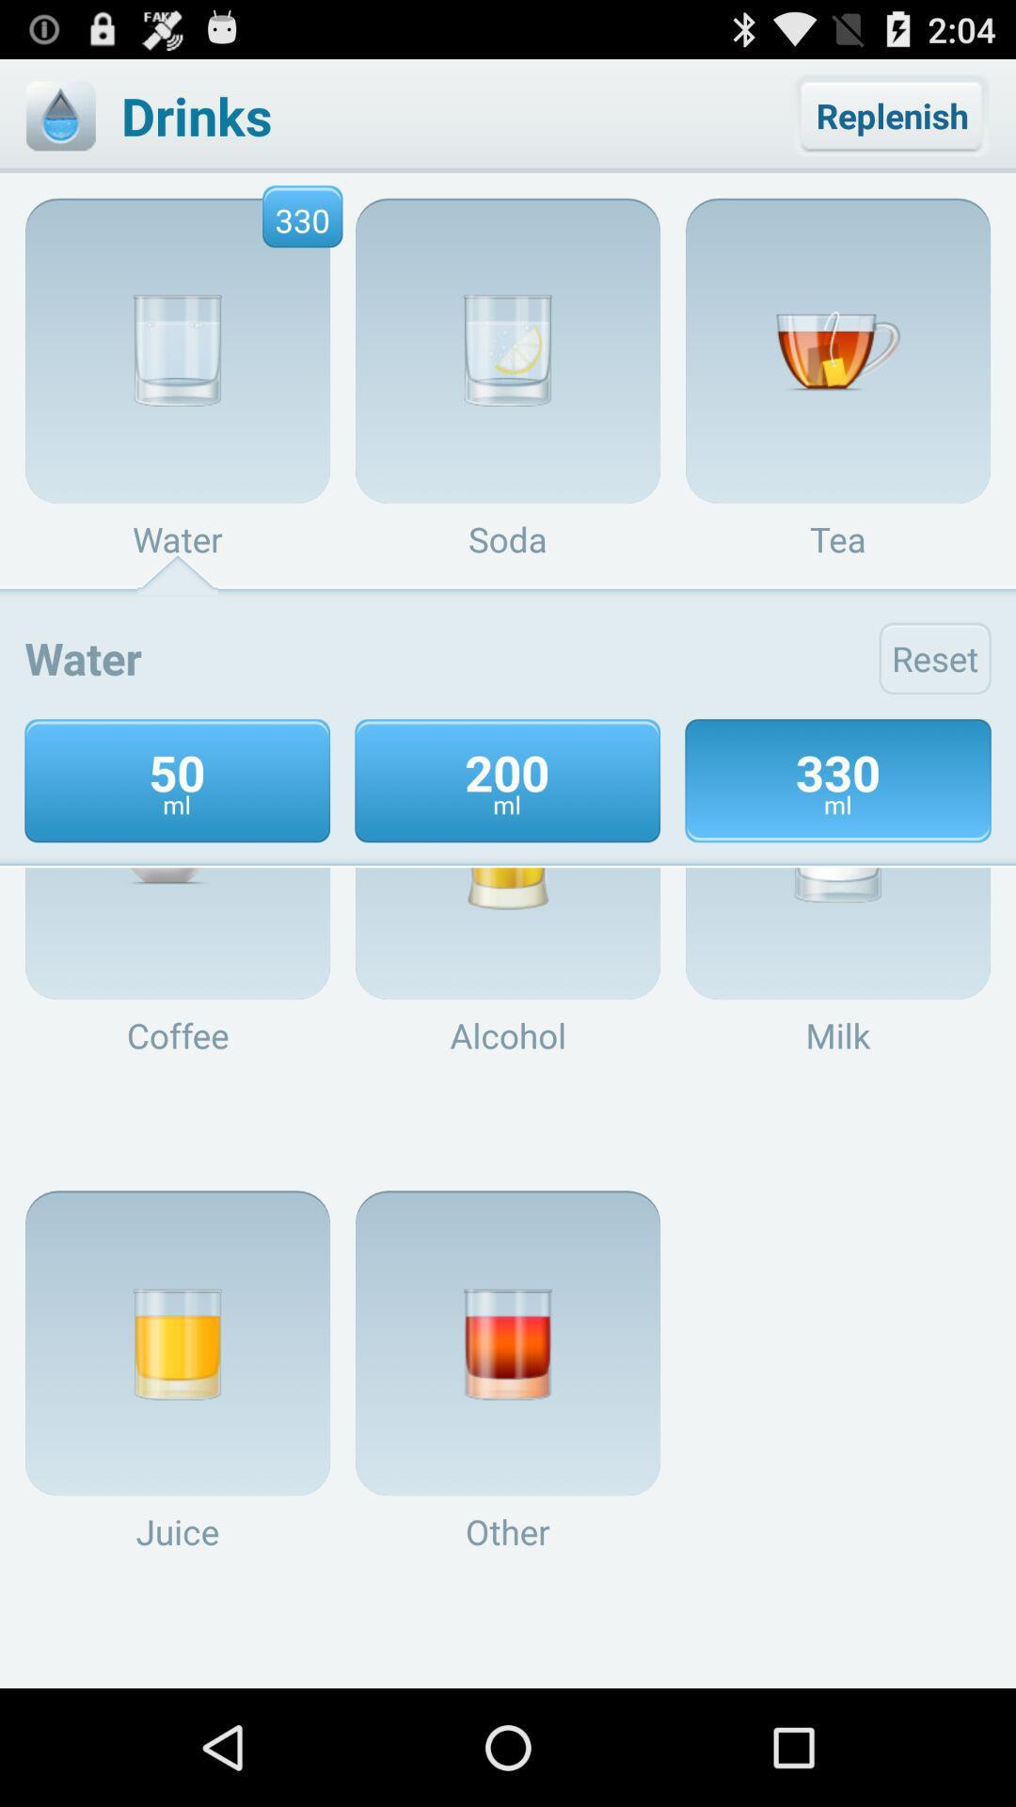 This screenshot has width=1016, height=1807. I want to click on drink, so click(59, 115).